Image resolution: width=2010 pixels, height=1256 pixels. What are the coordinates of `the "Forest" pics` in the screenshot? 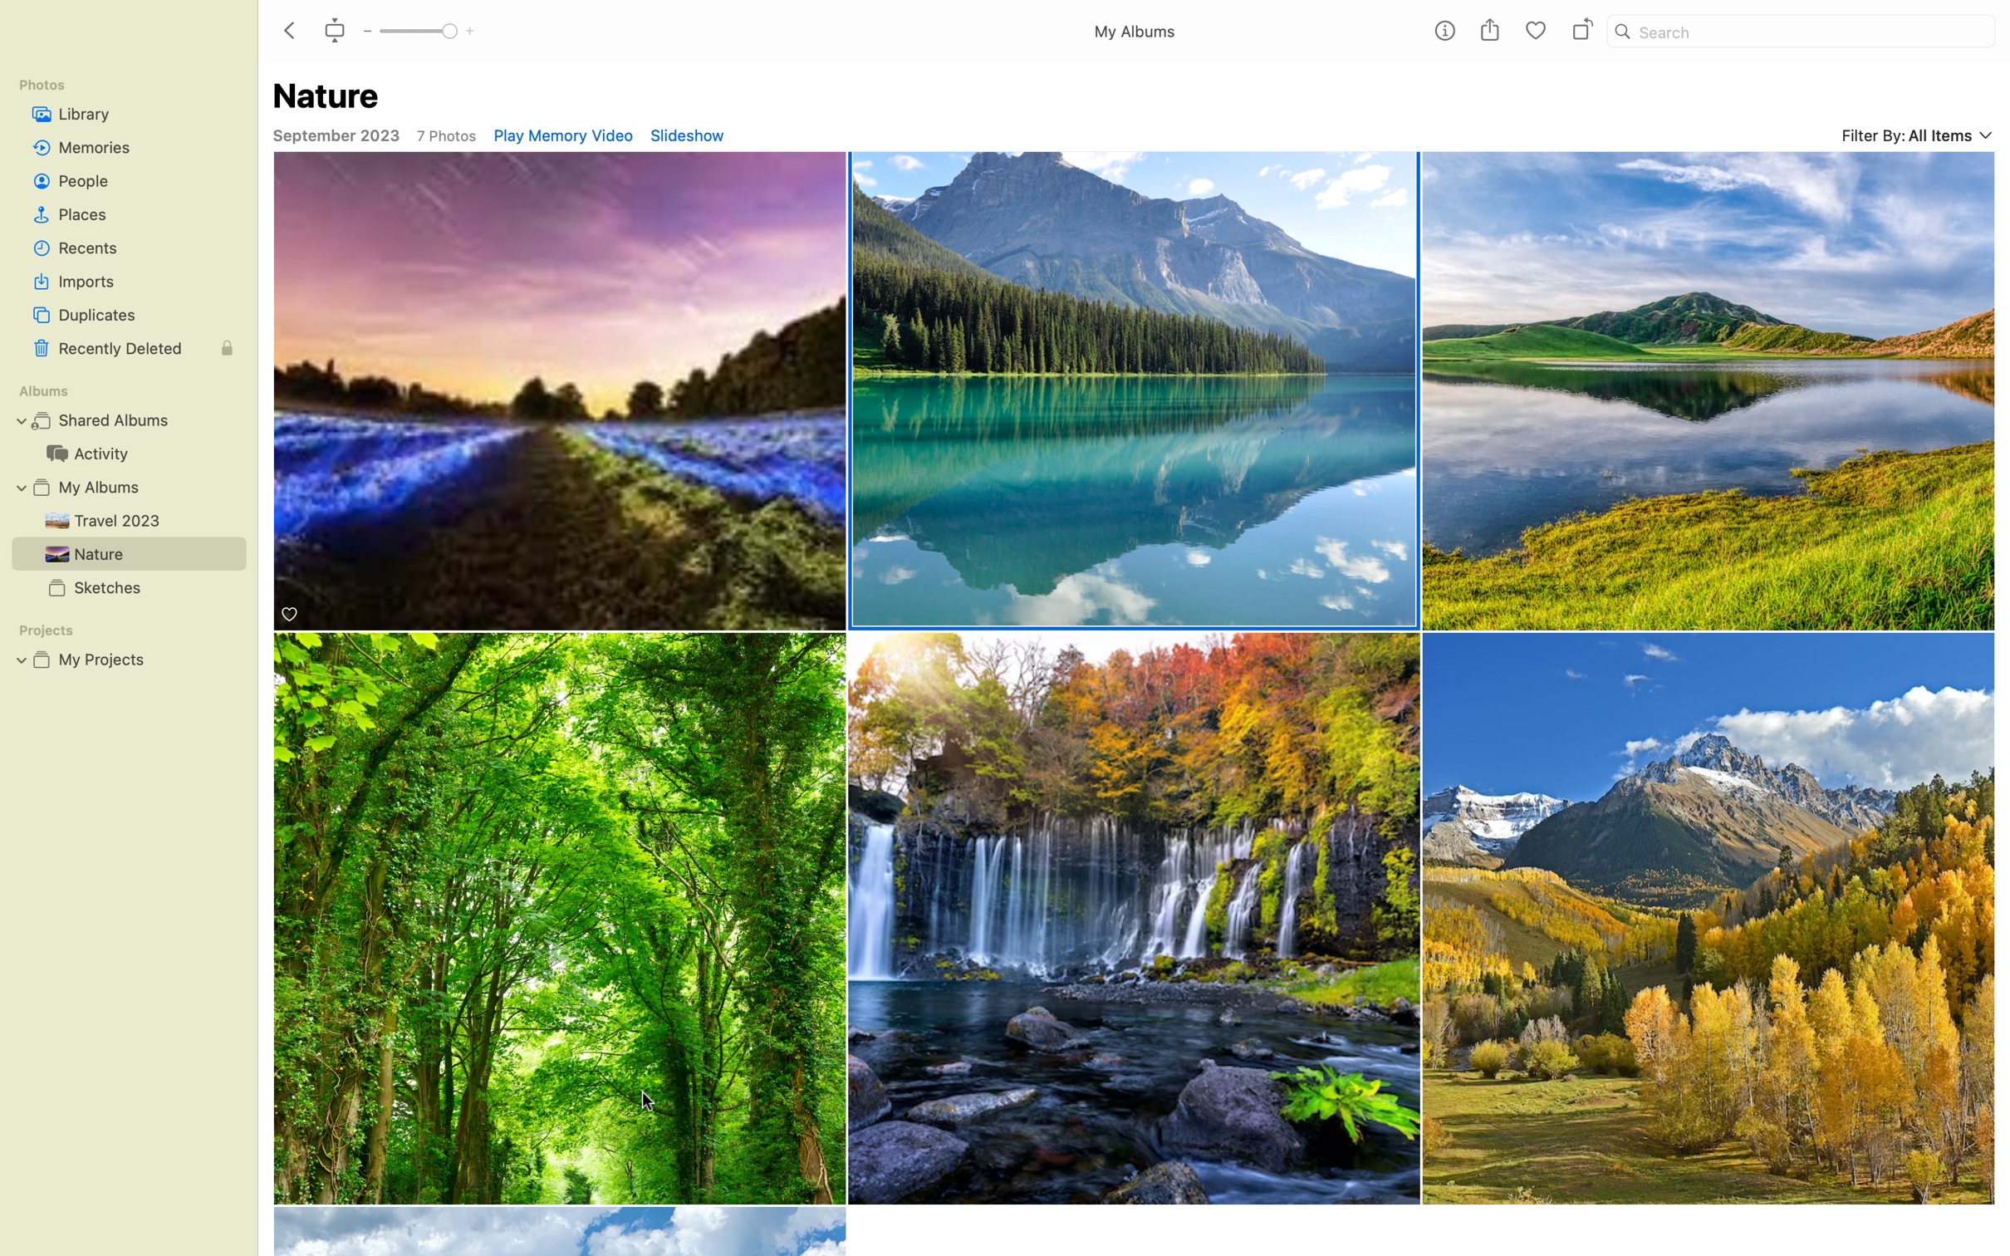 It's located at (560, 917).